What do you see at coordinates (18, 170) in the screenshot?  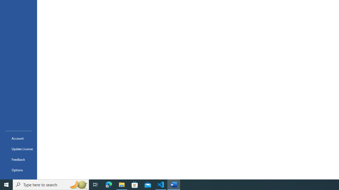 I see `'Options'` at bounding box center [18, 170].